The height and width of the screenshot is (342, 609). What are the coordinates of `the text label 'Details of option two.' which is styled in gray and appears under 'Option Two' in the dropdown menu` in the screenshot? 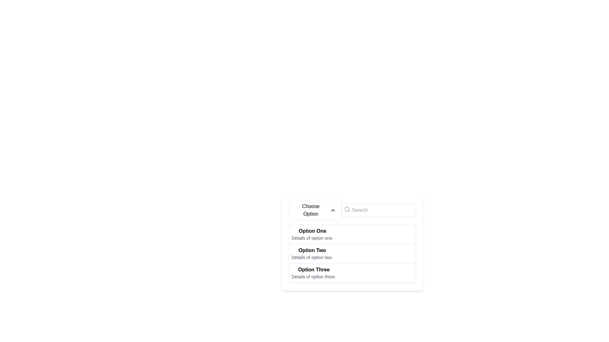 It's located at (312, 257).